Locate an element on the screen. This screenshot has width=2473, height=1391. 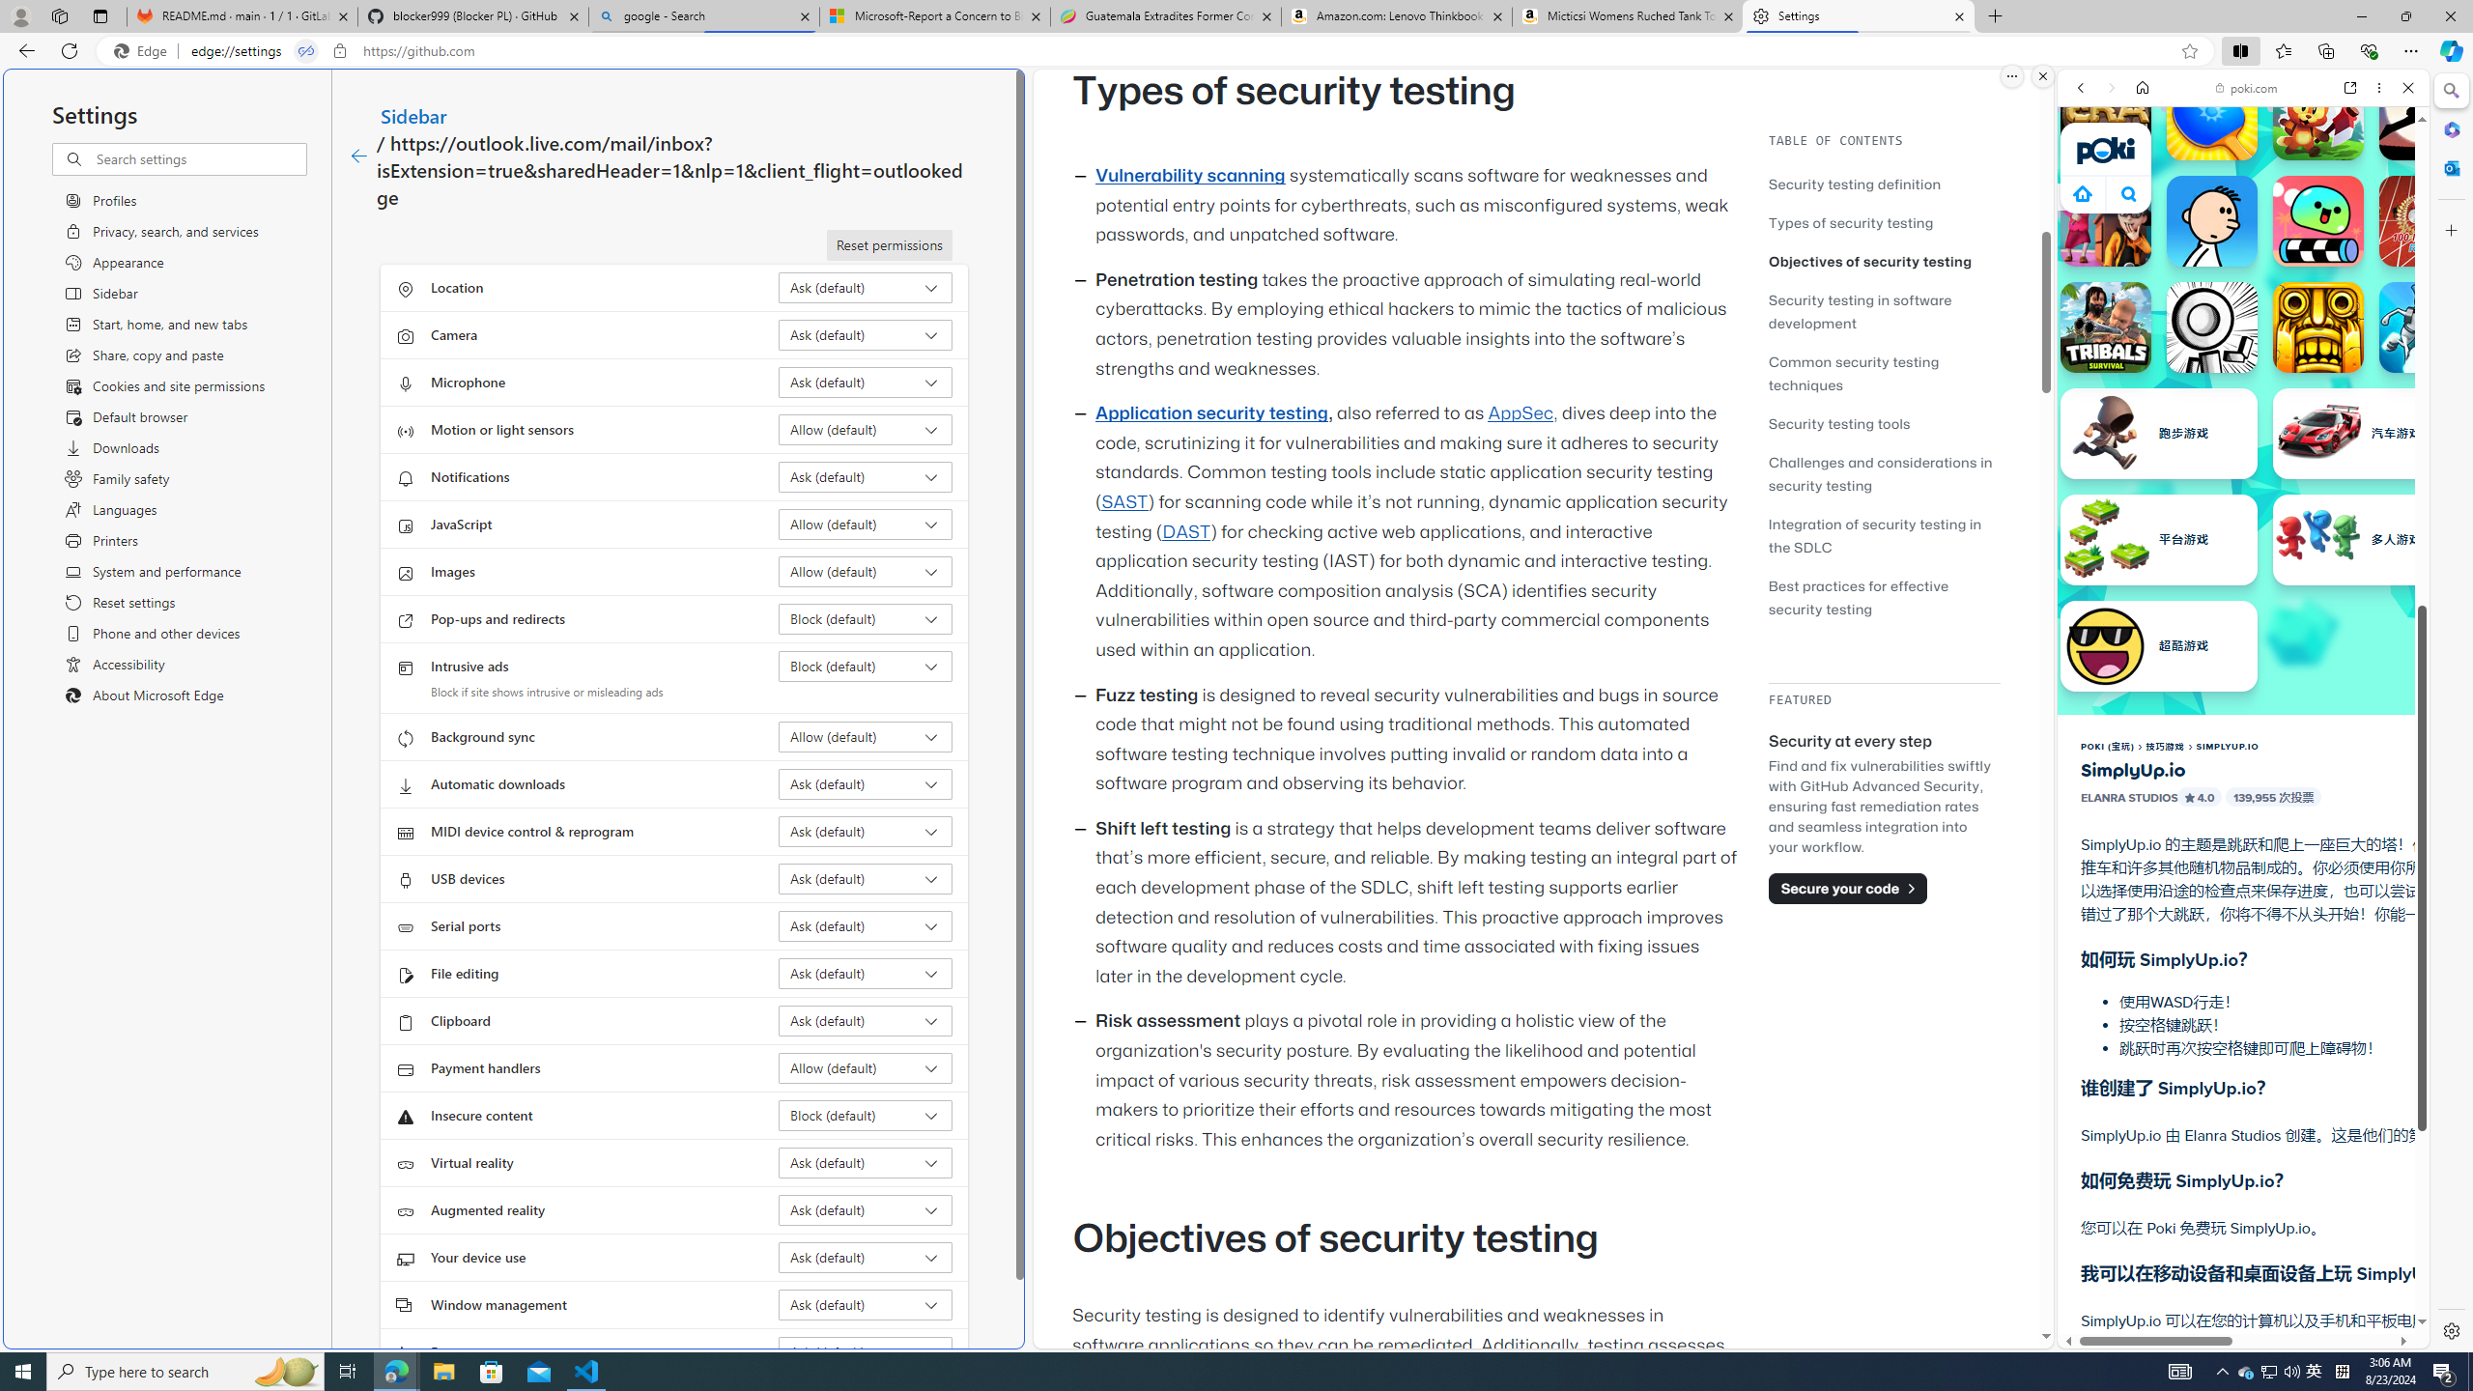
'Augmented reality Ask (default)' is located at coordinates (866, 1209).